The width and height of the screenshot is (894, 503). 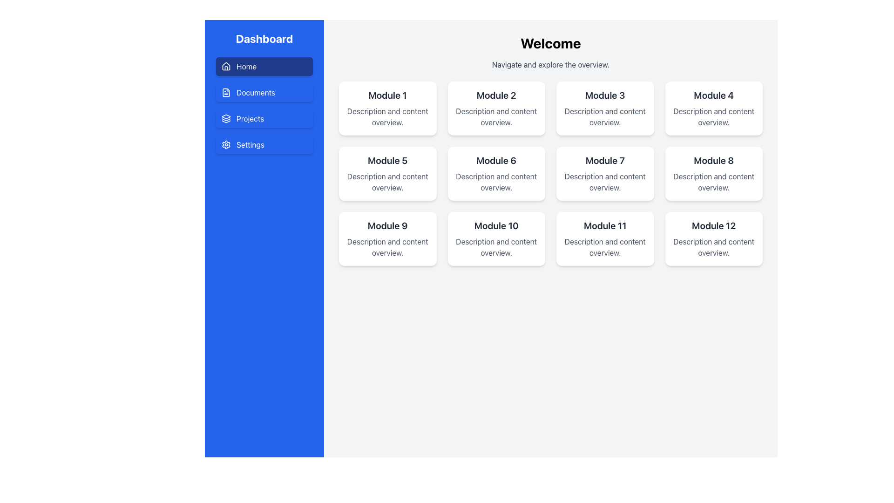 What do you see at coordinates (605, 247) in the screenshot?
I see `the text component styled in medium gray font that features the text 'Description and content overview.' located as the secondary content in the Module 11 card` at bounding box center [605, 247].